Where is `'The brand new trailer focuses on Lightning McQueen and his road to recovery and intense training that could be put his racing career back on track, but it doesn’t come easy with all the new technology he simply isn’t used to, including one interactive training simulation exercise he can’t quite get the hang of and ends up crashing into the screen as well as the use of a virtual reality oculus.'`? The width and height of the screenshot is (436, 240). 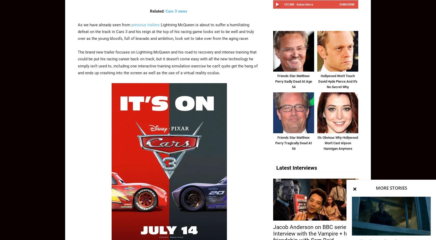
'The brand new trailer focuses on Lightning McQueen and his road to recovery and intense training that could be put his racing career back on track, but it doesn’t come easy with all the new technology he simply isn’t used to, including one interactive training simulation exercise he can’t quite get the hang of and ends up crashing into the screen as well as the use of a virtual reality oculus.' is located at coordinates (167, 62).